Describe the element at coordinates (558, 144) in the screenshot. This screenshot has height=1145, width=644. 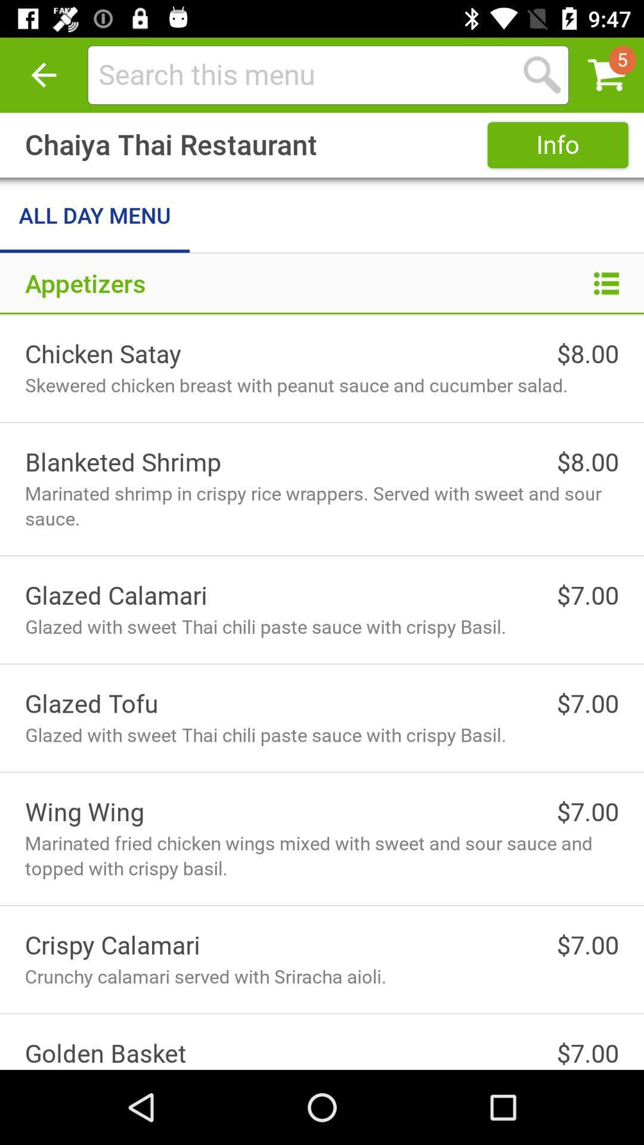
I see `the info` at that location.